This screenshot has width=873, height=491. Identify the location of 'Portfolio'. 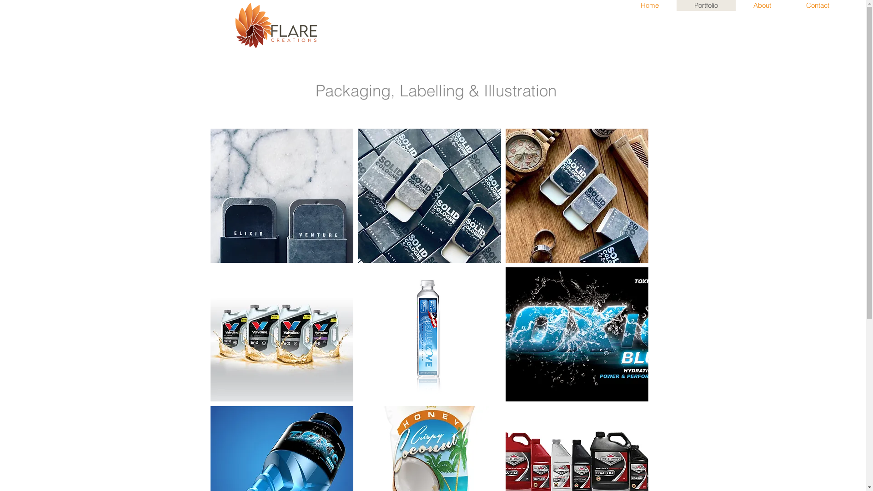
(677, 5).